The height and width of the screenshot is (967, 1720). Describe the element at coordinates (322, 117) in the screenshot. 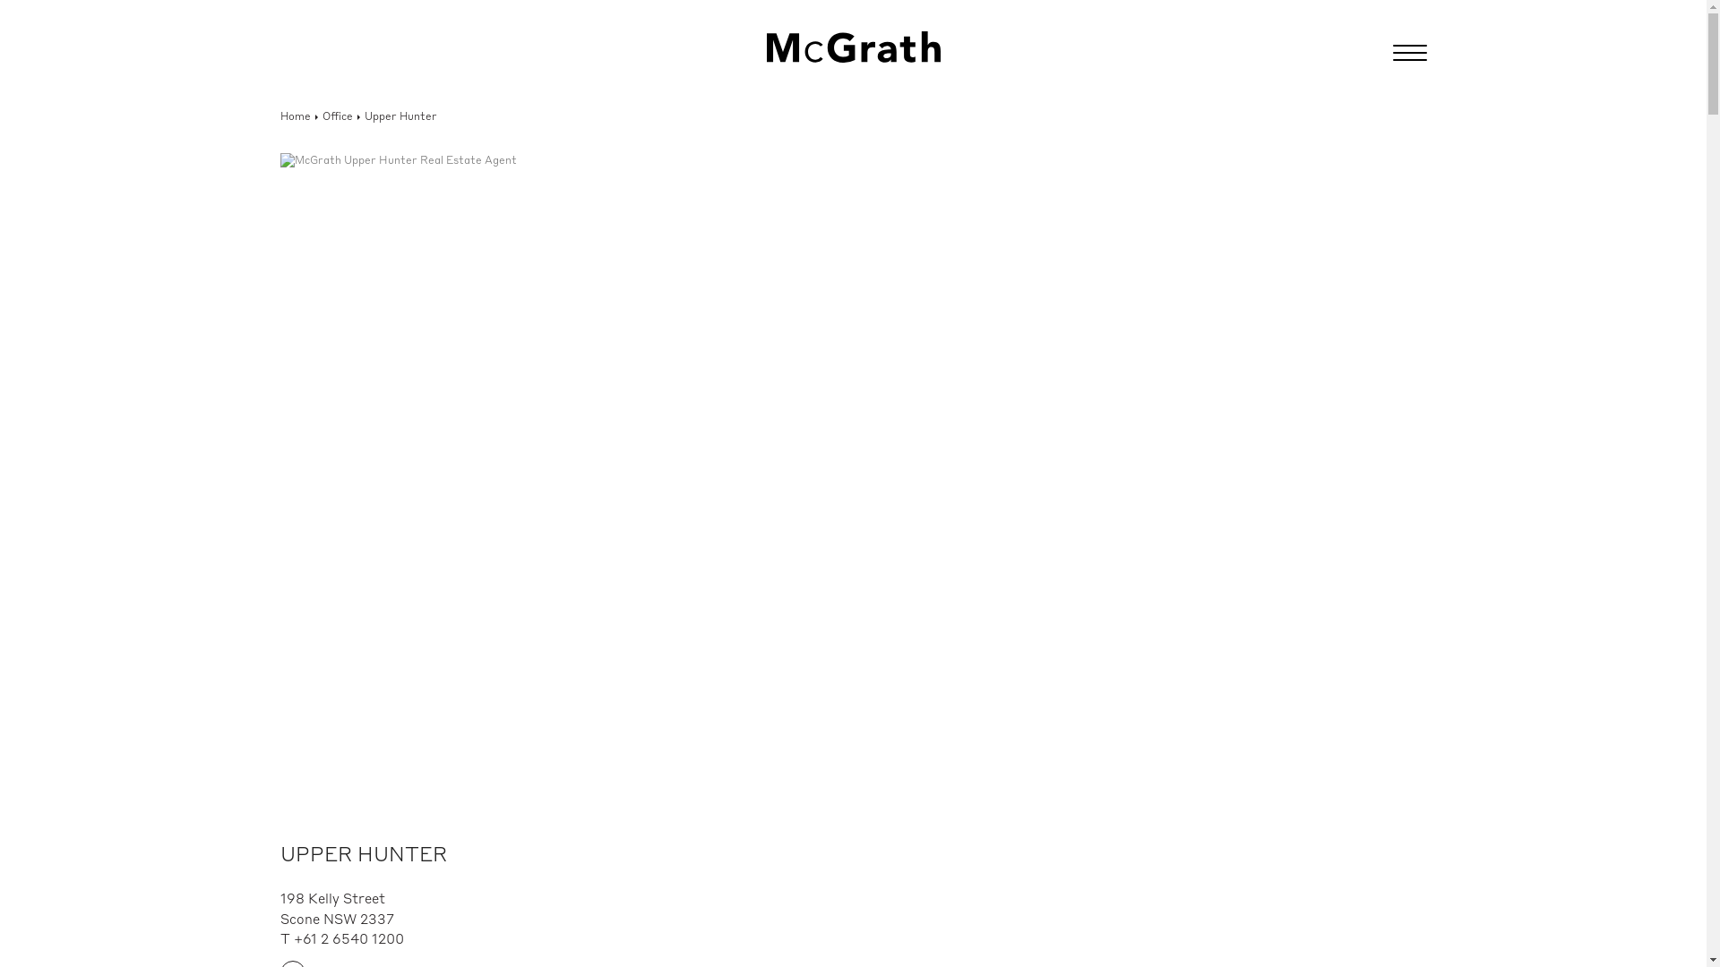

I see `'Office'` at that location.